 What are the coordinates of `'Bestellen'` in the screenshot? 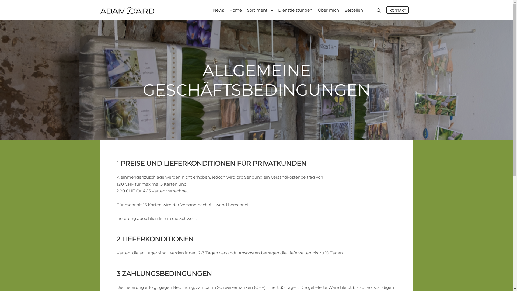 It's located at (353, 10).